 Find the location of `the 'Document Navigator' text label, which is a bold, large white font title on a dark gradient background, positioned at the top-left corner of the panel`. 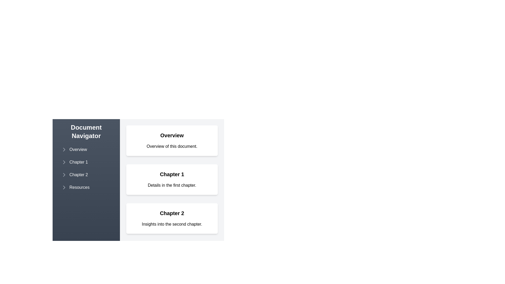

the 'Document Navigator' text label, which is a bold, large white font title on a dark gradient background, positioned at the top-left corner of the panel is located at coordinates (86, 131).